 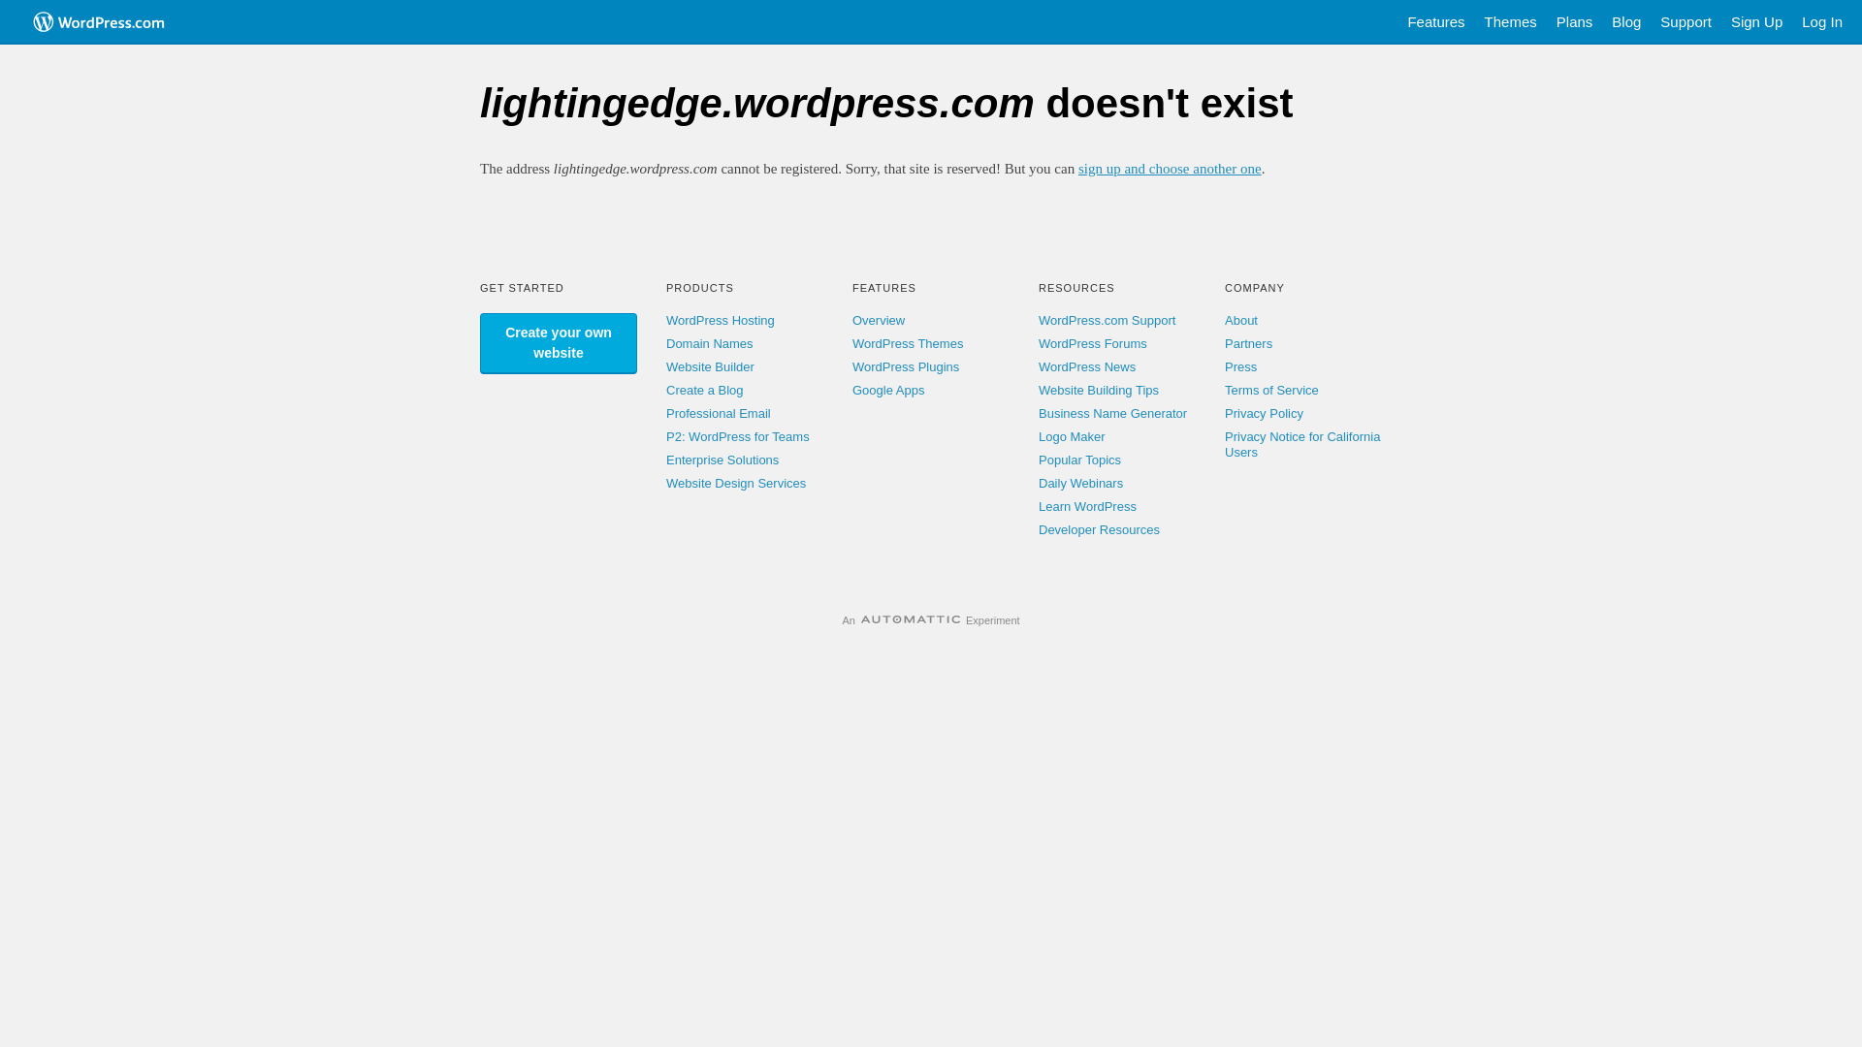 I want to click on 'sign up and choose another one', so click(x=1169, y=167).